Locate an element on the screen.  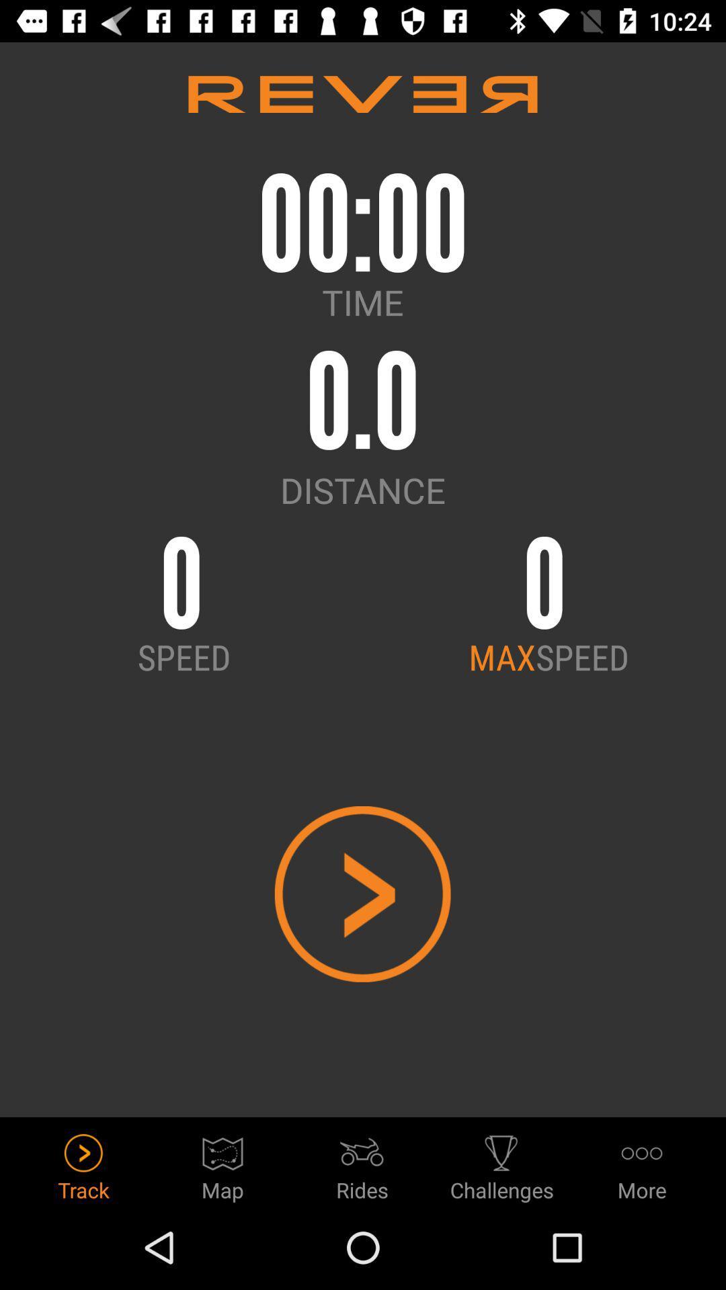
go back is located at coordinates (362, 894).